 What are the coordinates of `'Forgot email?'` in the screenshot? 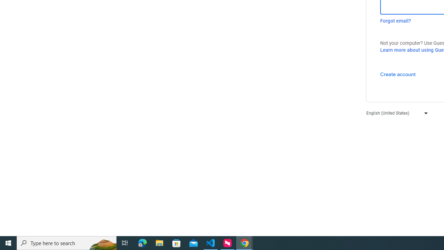 It's located at (395, 20).